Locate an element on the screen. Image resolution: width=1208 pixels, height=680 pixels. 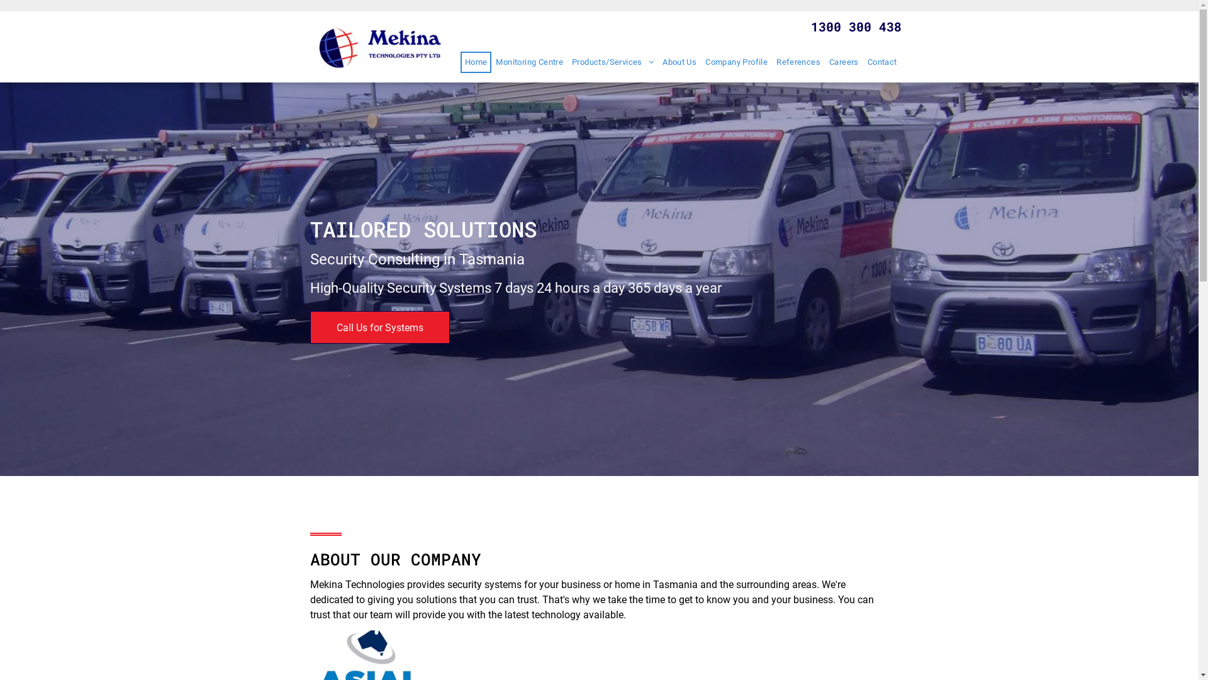
'About Us' is located at coordinates (657, 62).